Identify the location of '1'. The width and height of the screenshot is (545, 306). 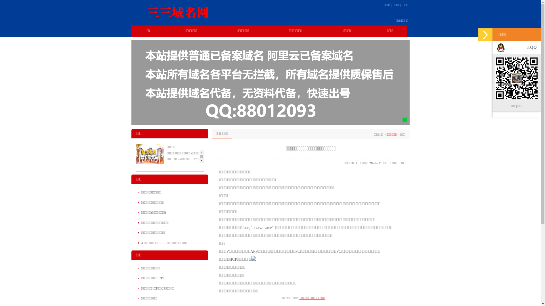
(404, 119).